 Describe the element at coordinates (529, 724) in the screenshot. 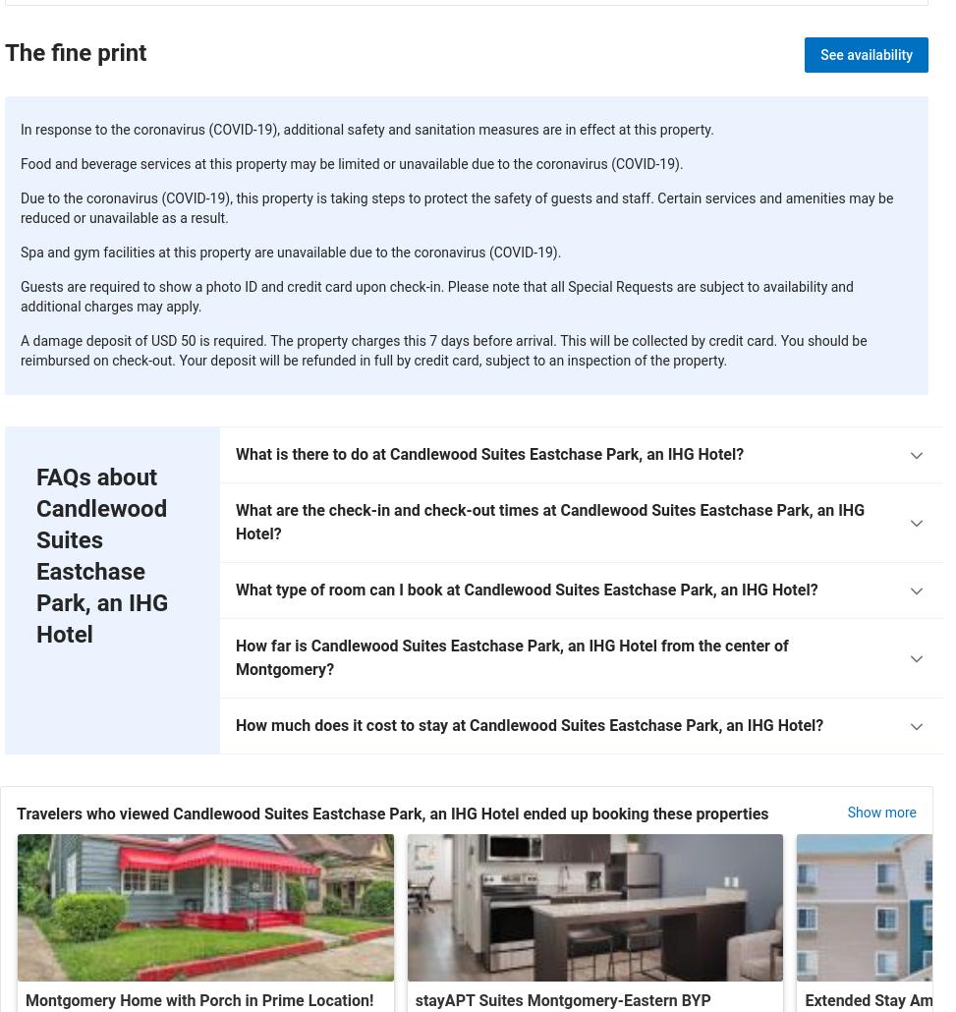

I see `'How much does it cost to stay at Candlewood Suites Eastchase Park, an IHG Hotel?'` at that location.